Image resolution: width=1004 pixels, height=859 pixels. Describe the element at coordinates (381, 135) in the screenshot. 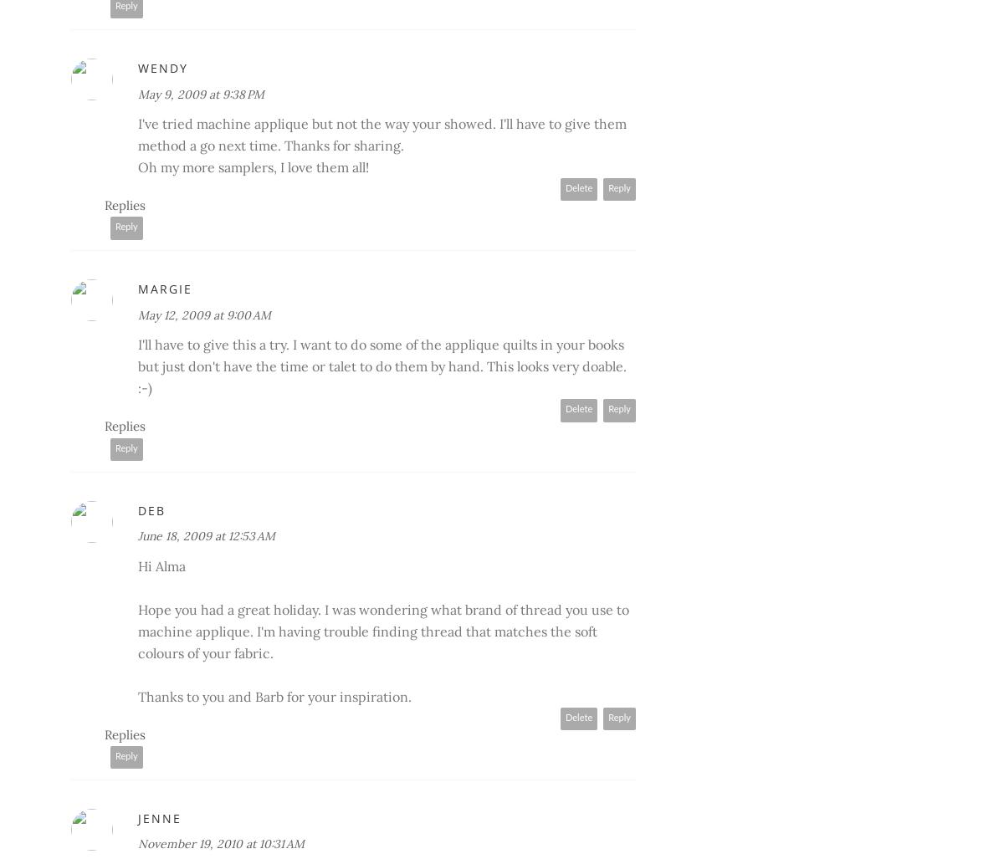

I see `'I've tried machine applique but not the way your showed. I'll have to give them method a go next time. Thanks for sharing.'` at that location.